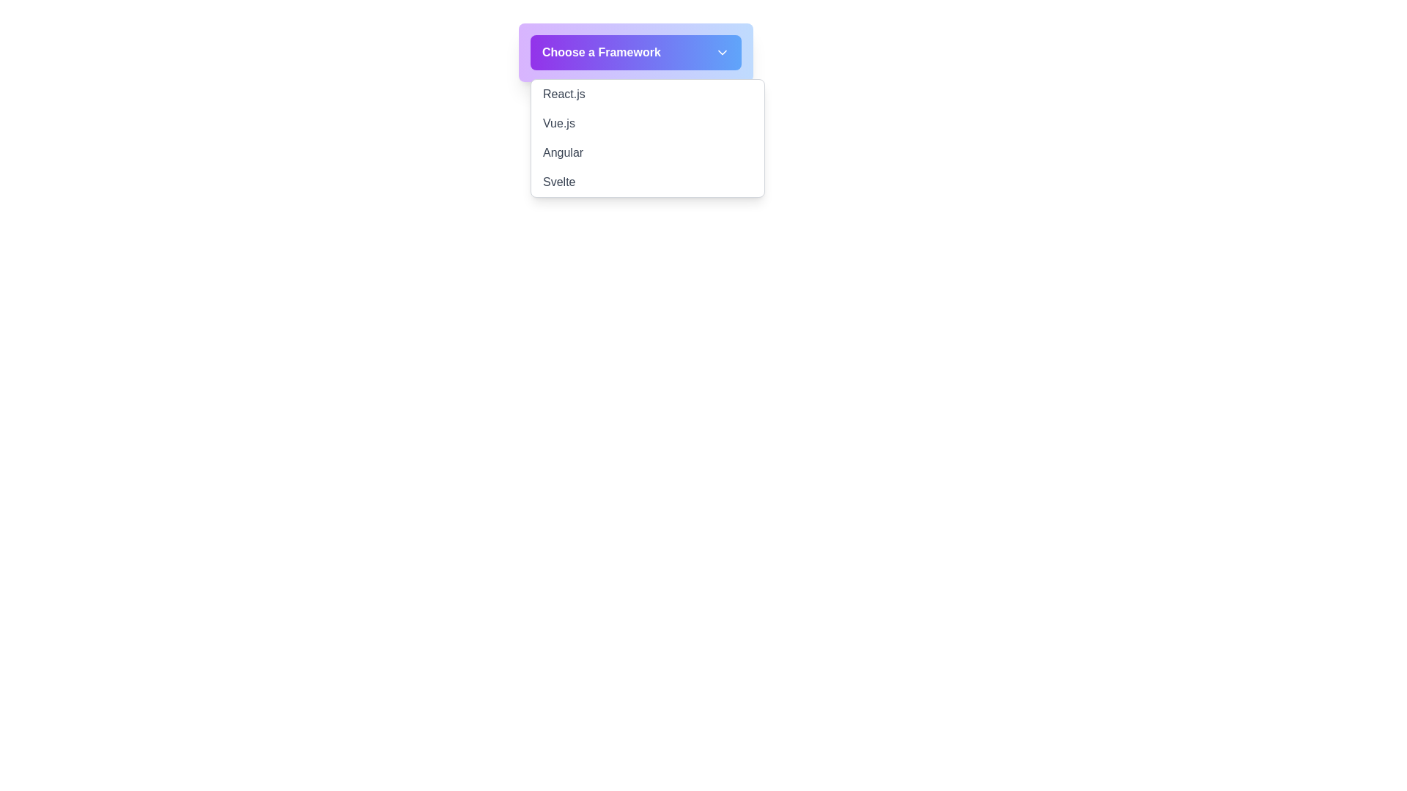 The width and height of the screenshot is (1407, 791). Describe the element at coordinates (646, 94) in the screenshot. I see `the first item in the dropdown list labeled 'React.js'` at that location.